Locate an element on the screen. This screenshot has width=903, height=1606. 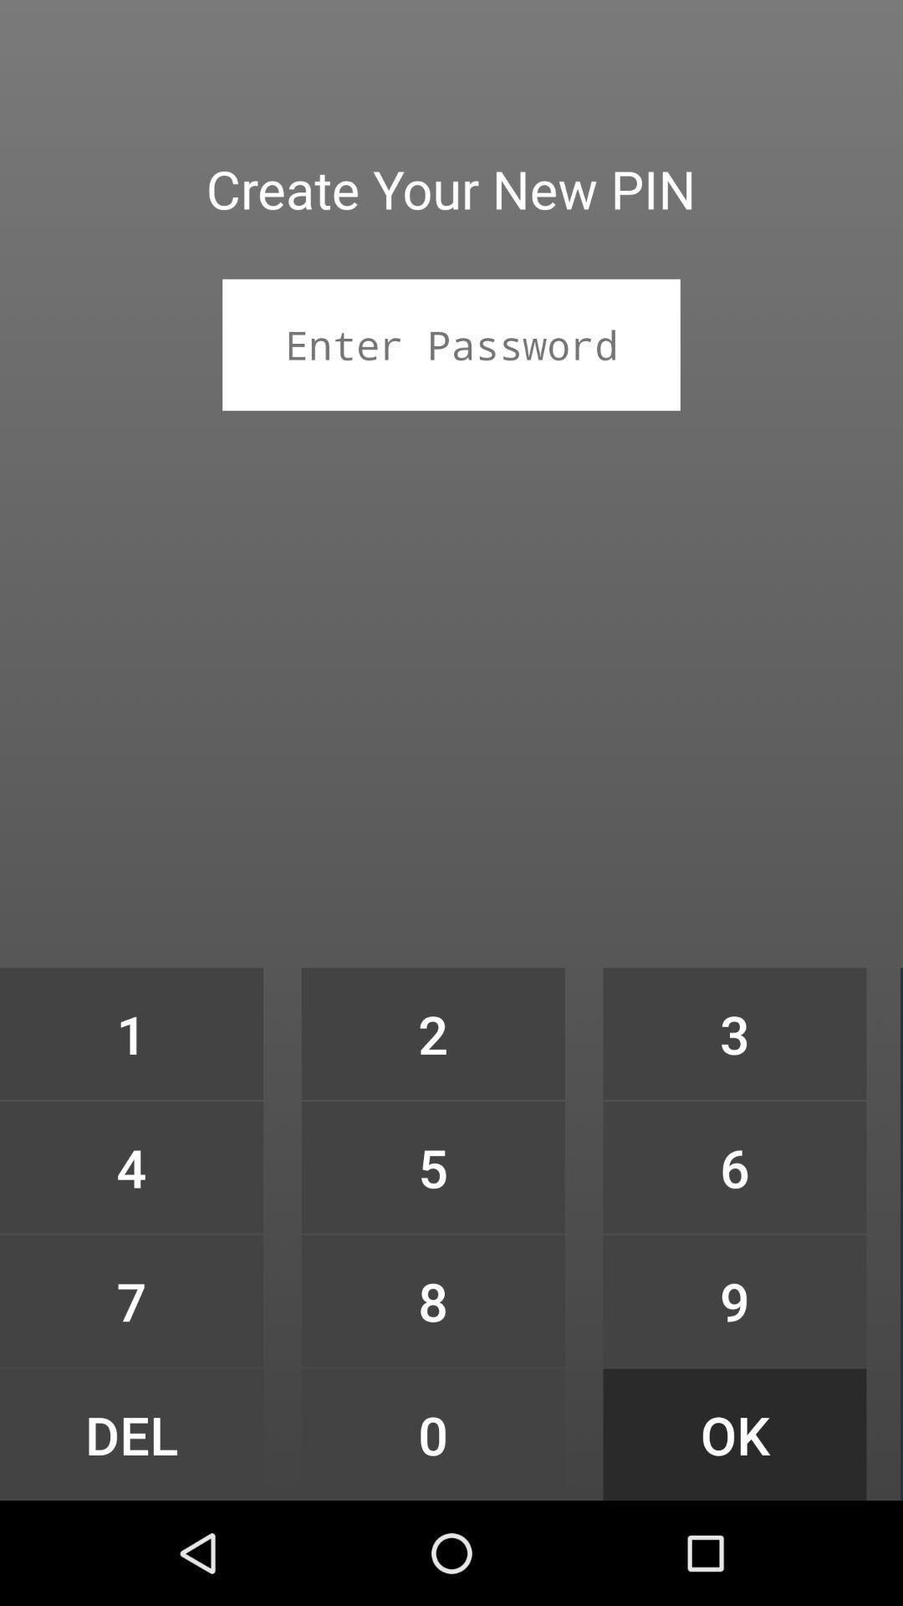
item to the right of the 2 is located at coordinates (734, 1033).